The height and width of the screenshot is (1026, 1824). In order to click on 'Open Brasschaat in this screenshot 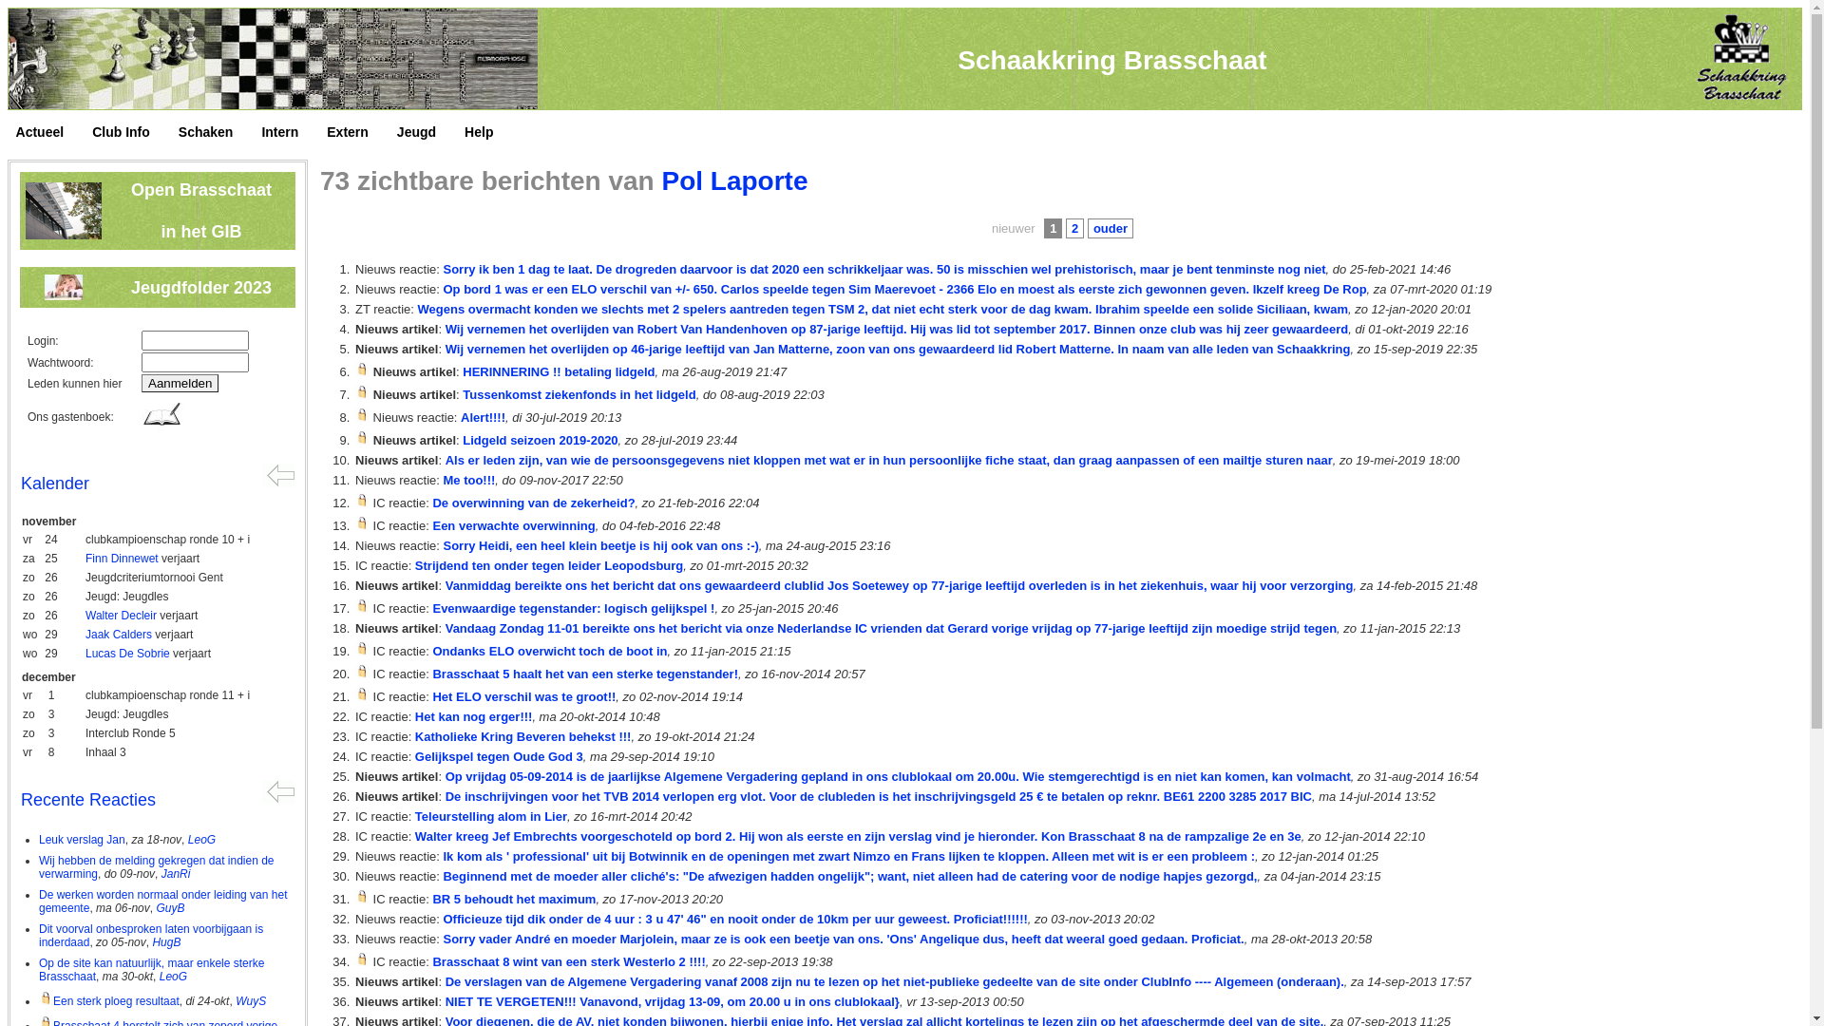, I will do `click(200, 211)`.